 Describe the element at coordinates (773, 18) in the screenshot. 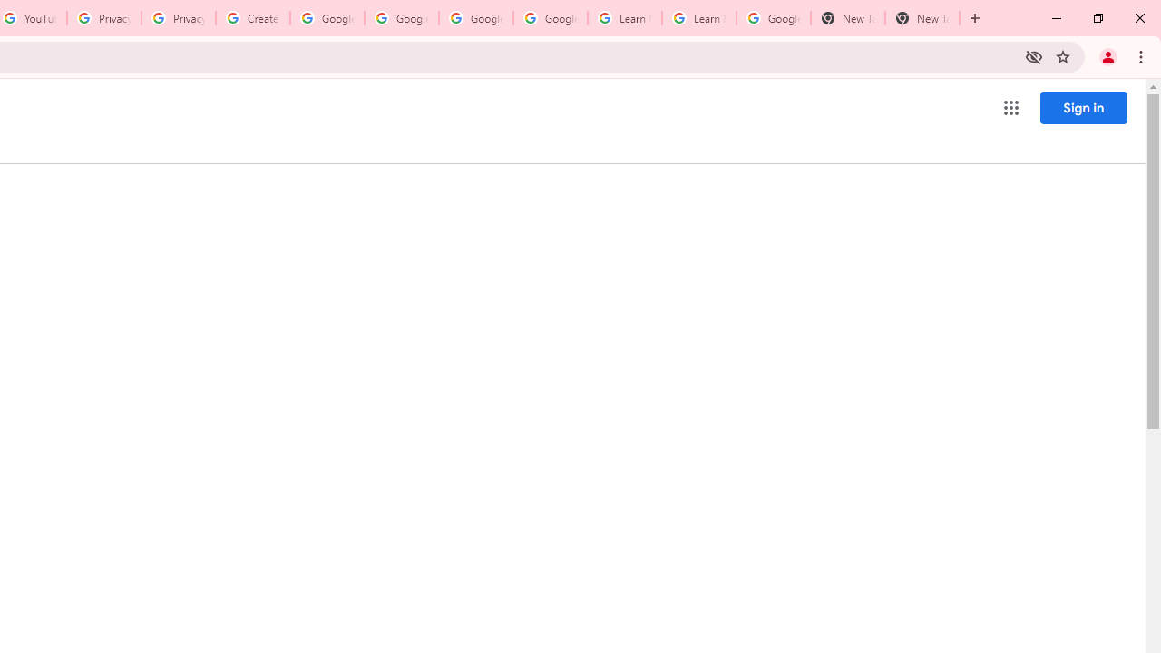

I see `'Google Account'` at that location.